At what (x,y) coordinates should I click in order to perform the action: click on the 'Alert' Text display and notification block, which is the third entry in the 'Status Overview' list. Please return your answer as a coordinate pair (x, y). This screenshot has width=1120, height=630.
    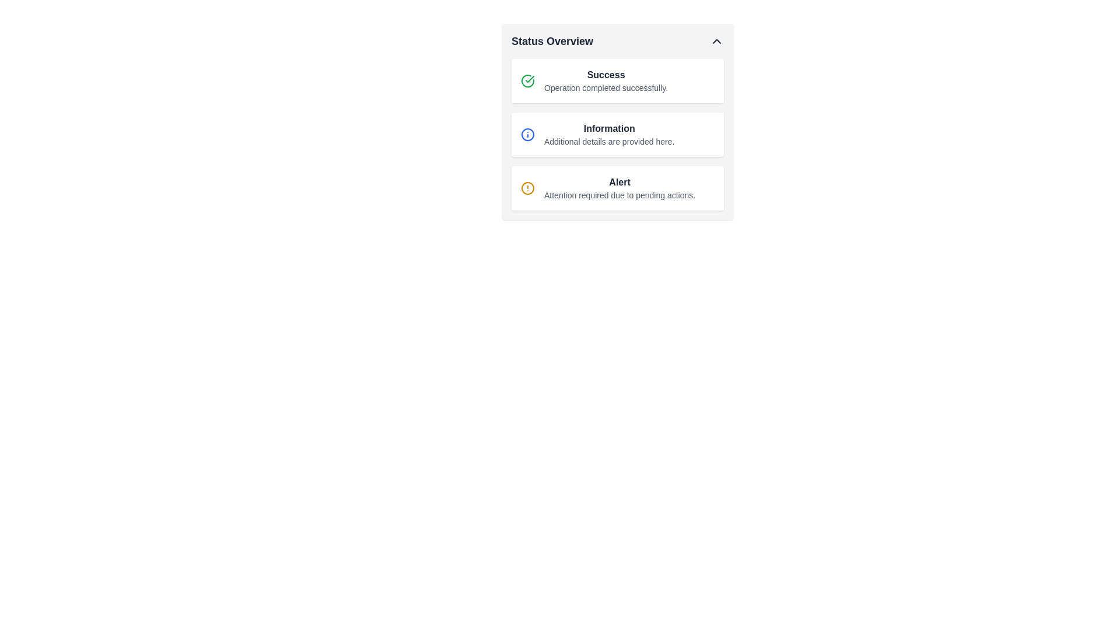
    Looking at the image, I should click on (619, 188).